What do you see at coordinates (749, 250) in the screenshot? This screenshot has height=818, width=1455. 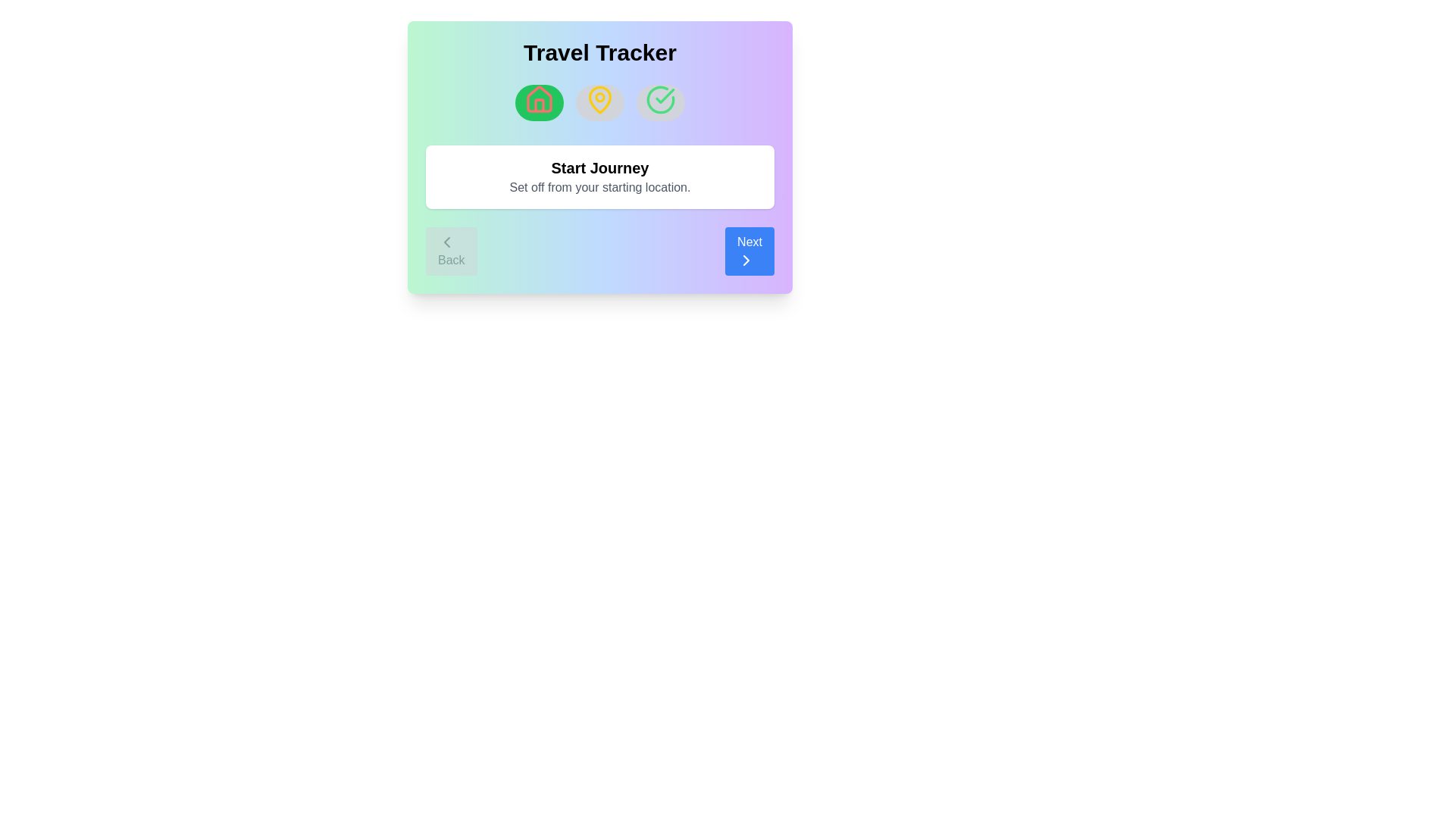 I see `the 'Next' button to proceed to the next step` at bounding box center [749, 250].